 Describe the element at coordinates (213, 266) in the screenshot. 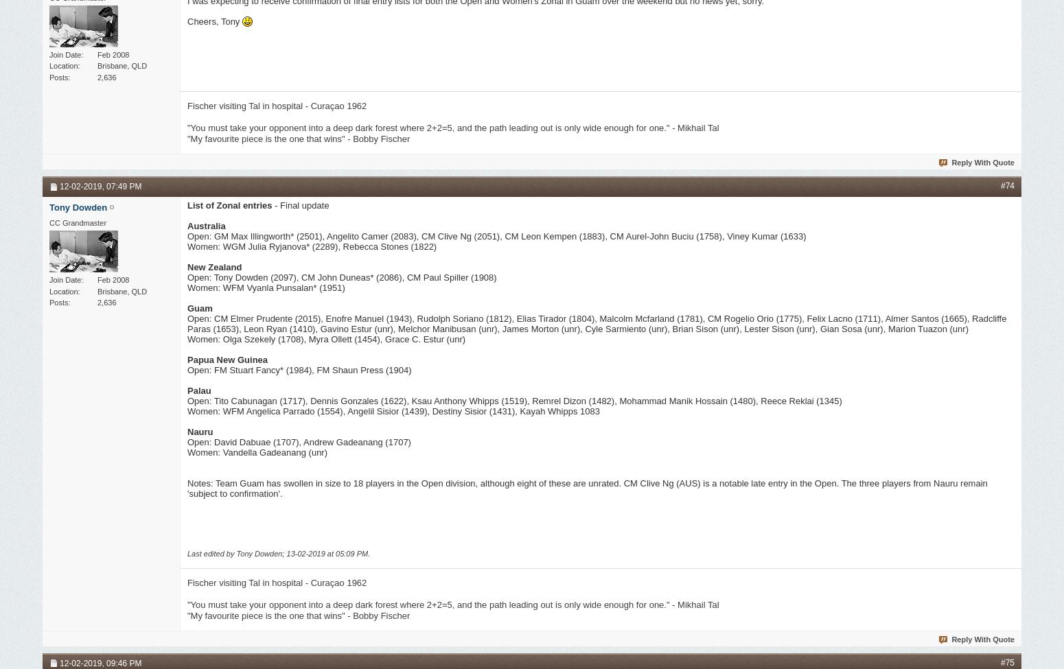

I see `'New Zealand'` at that location.